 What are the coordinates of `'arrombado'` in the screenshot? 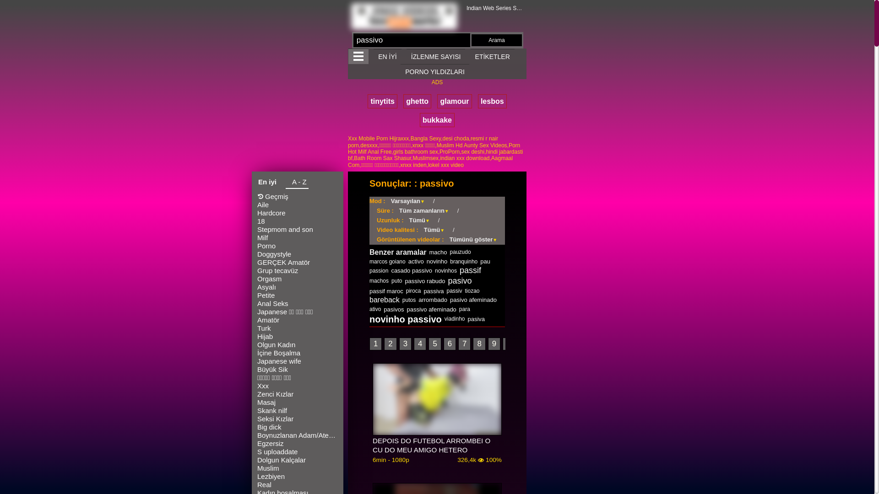 It's located at (432, 300).